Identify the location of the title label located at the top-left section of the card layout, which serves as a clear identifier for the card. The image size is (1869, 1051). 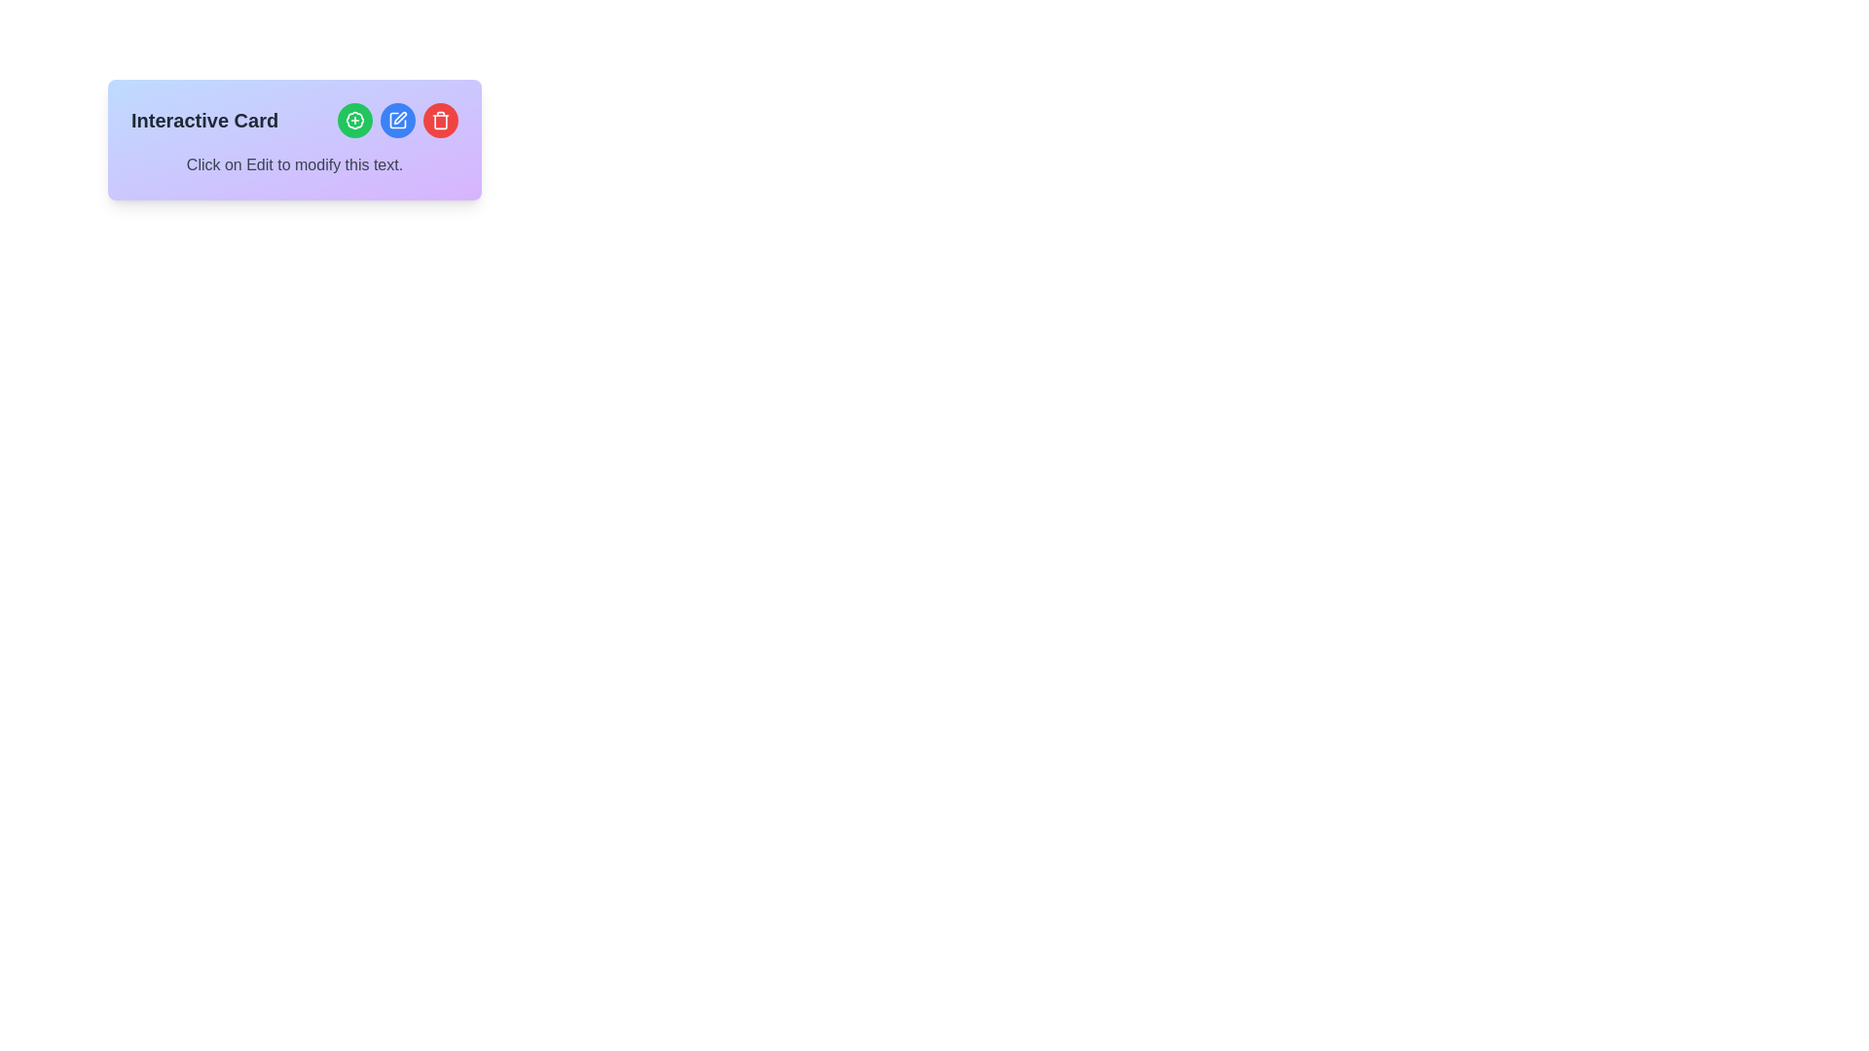
(204, 120).